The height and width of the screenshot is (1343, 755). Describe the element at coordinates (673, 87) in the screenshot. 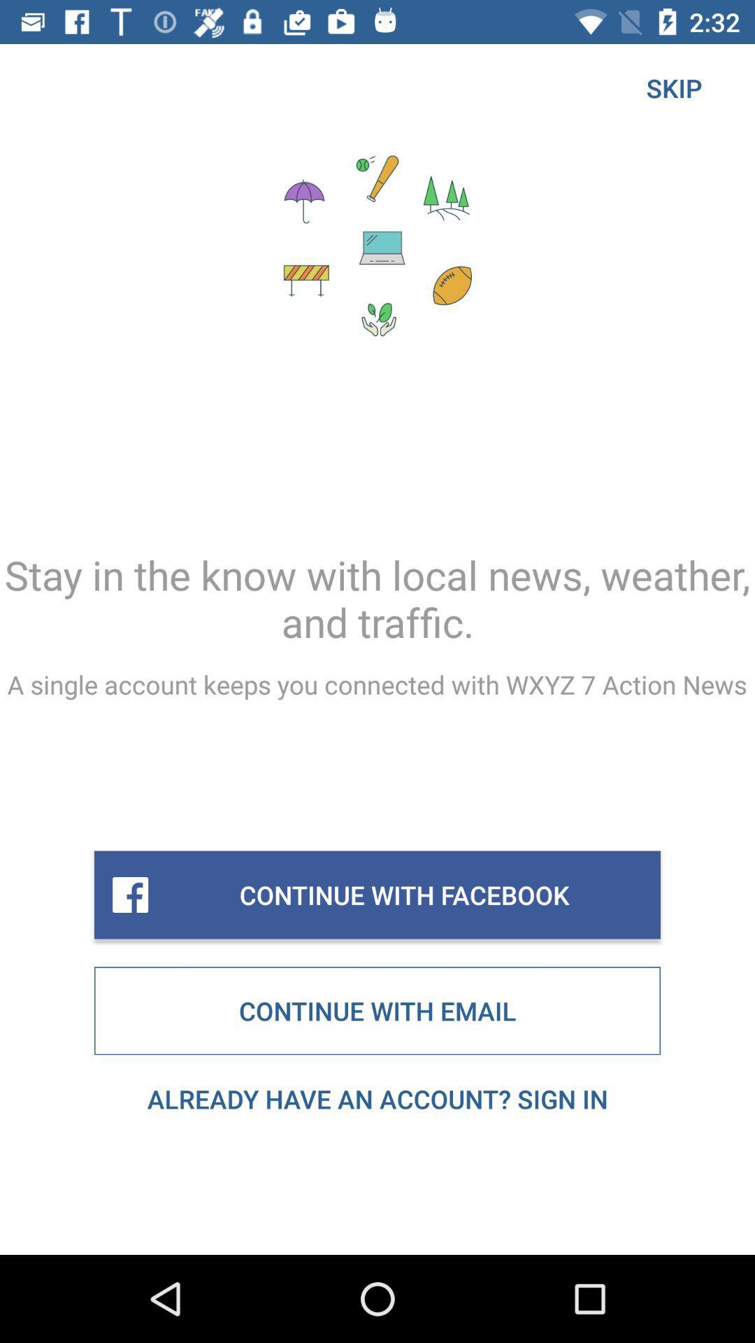

I see `skip icon` at that location.